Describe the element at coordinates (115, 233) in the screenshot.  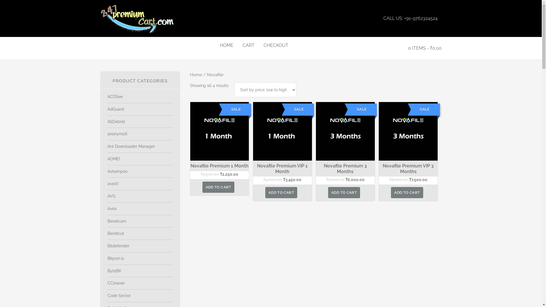
I see `'Bandicut'` at that location.